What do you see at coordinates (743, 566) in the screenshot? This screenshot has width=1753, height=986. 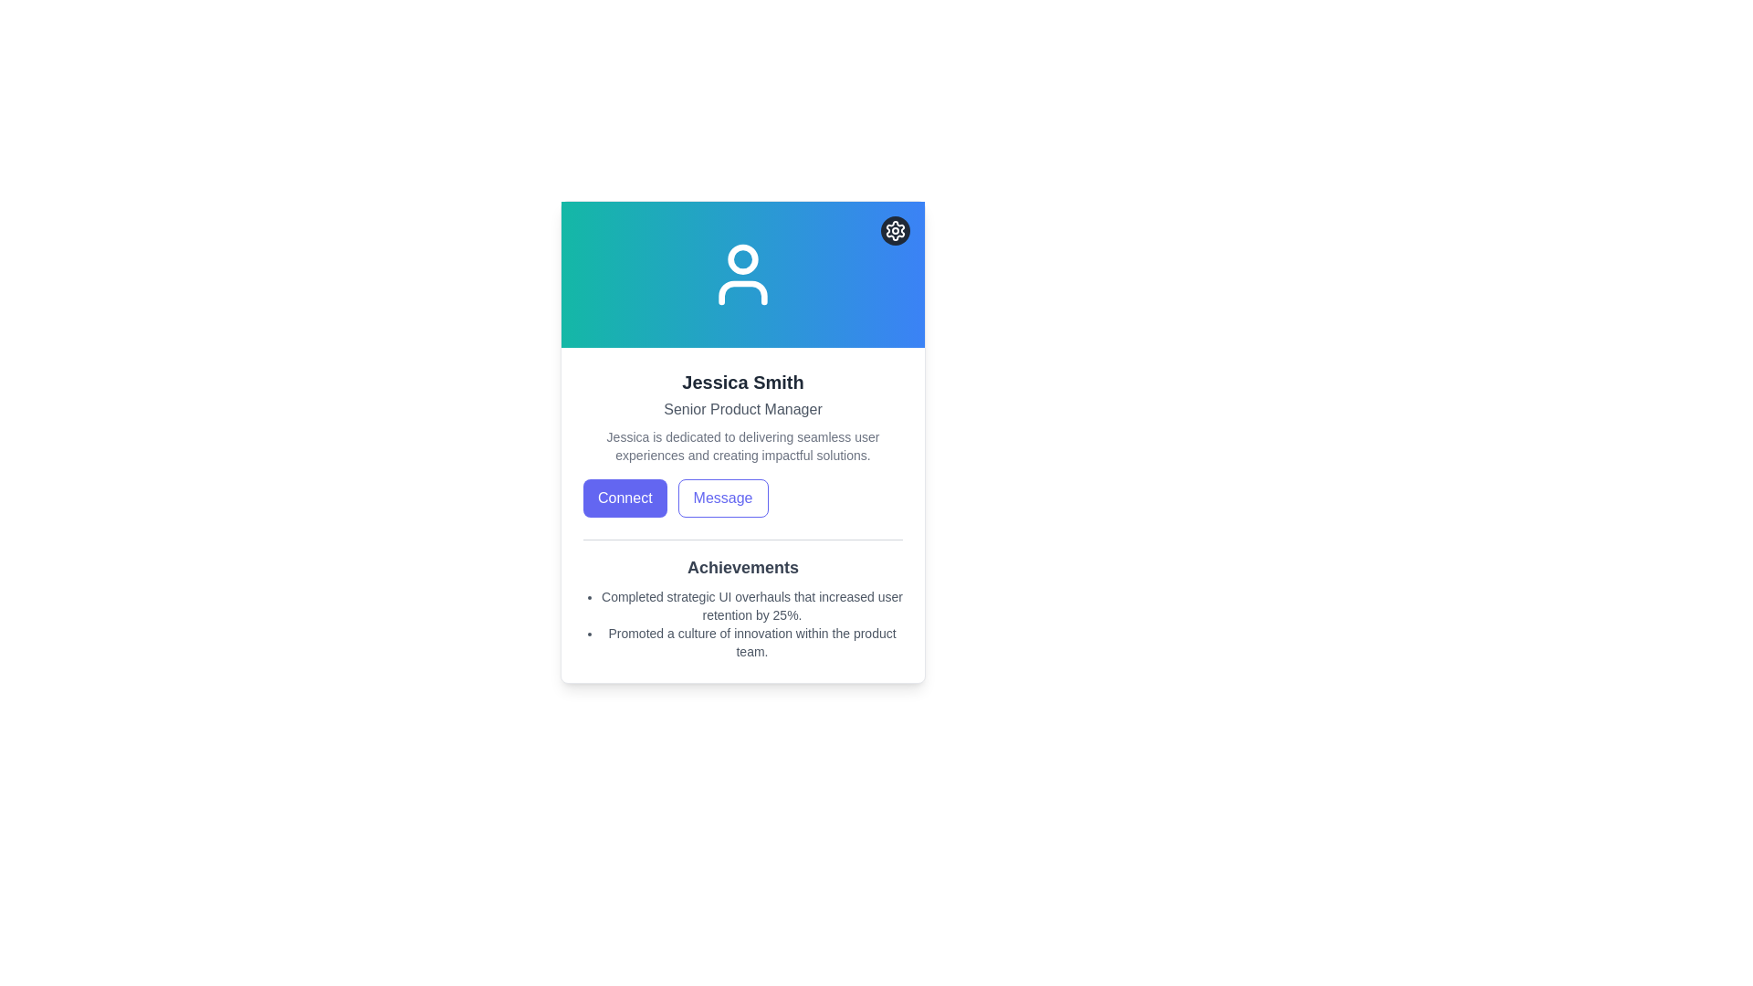 I see `heading 'Achievements' which is a bold text label styled in dark gray, located in the achievements section above a bulleted list of accomplishments` at bounding box center [743, 566].